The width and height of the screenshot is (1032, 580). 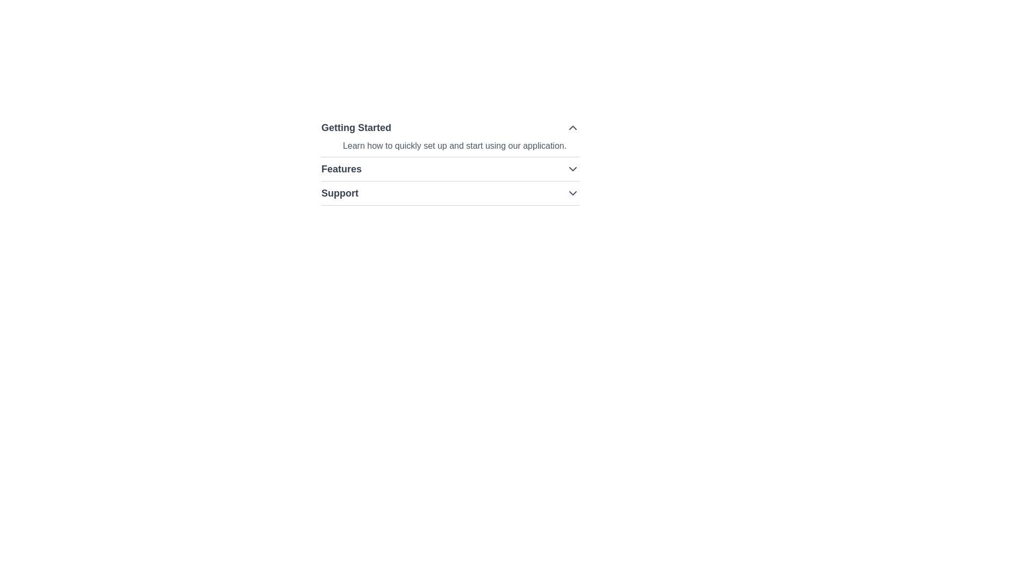 What do you see at coordinates (450, 146) in the screenshot?
I see `the supplementary text content that provides a brief description of the 'Getting Started' section, located directly below the heading 'Getting Started'` at bounding box center [450, 146].